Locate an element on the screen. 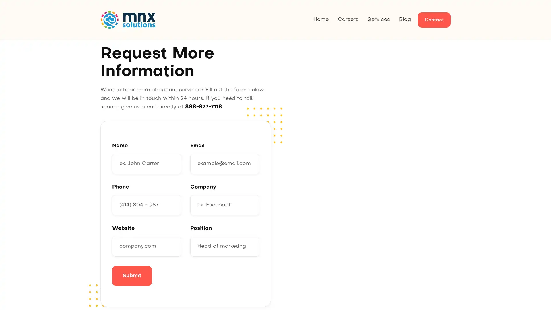 Image resolution: width=551 pixels, height=310 pixels. Submit is located at coordinates (132, 275).